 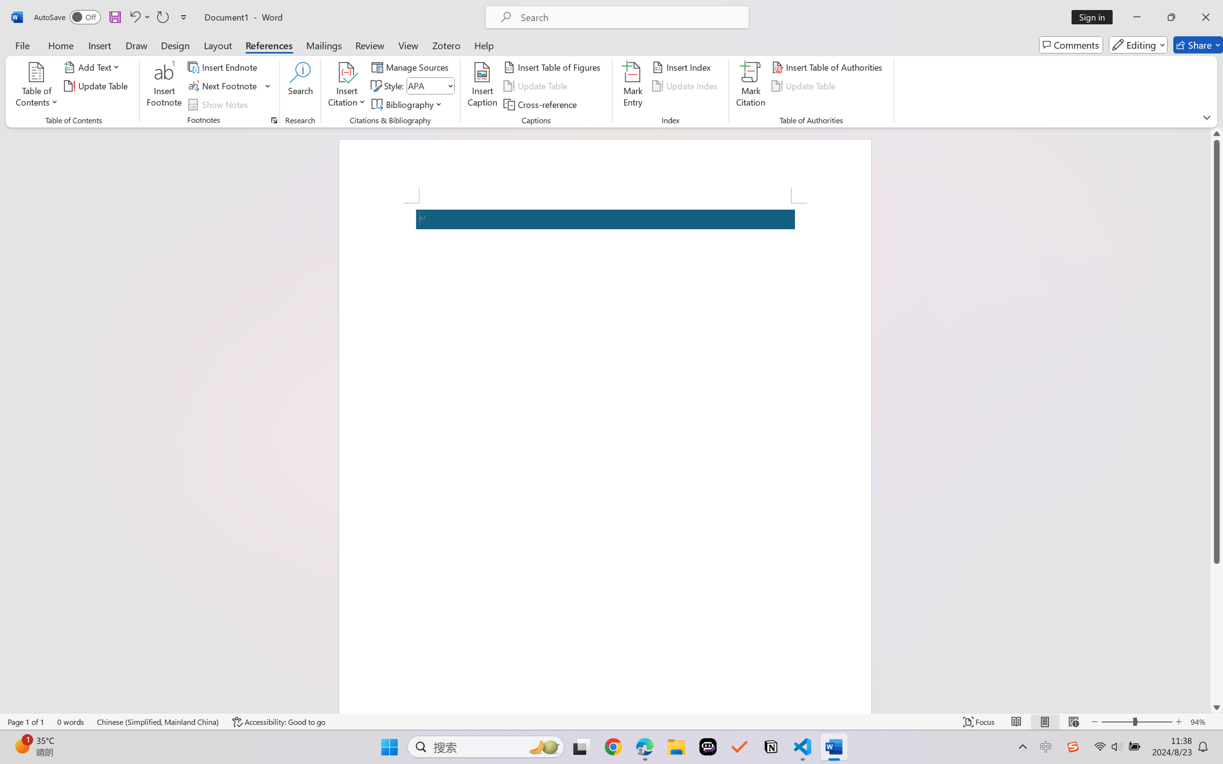 I want to click on 'Next Footnote', so click(x=229, y=86).